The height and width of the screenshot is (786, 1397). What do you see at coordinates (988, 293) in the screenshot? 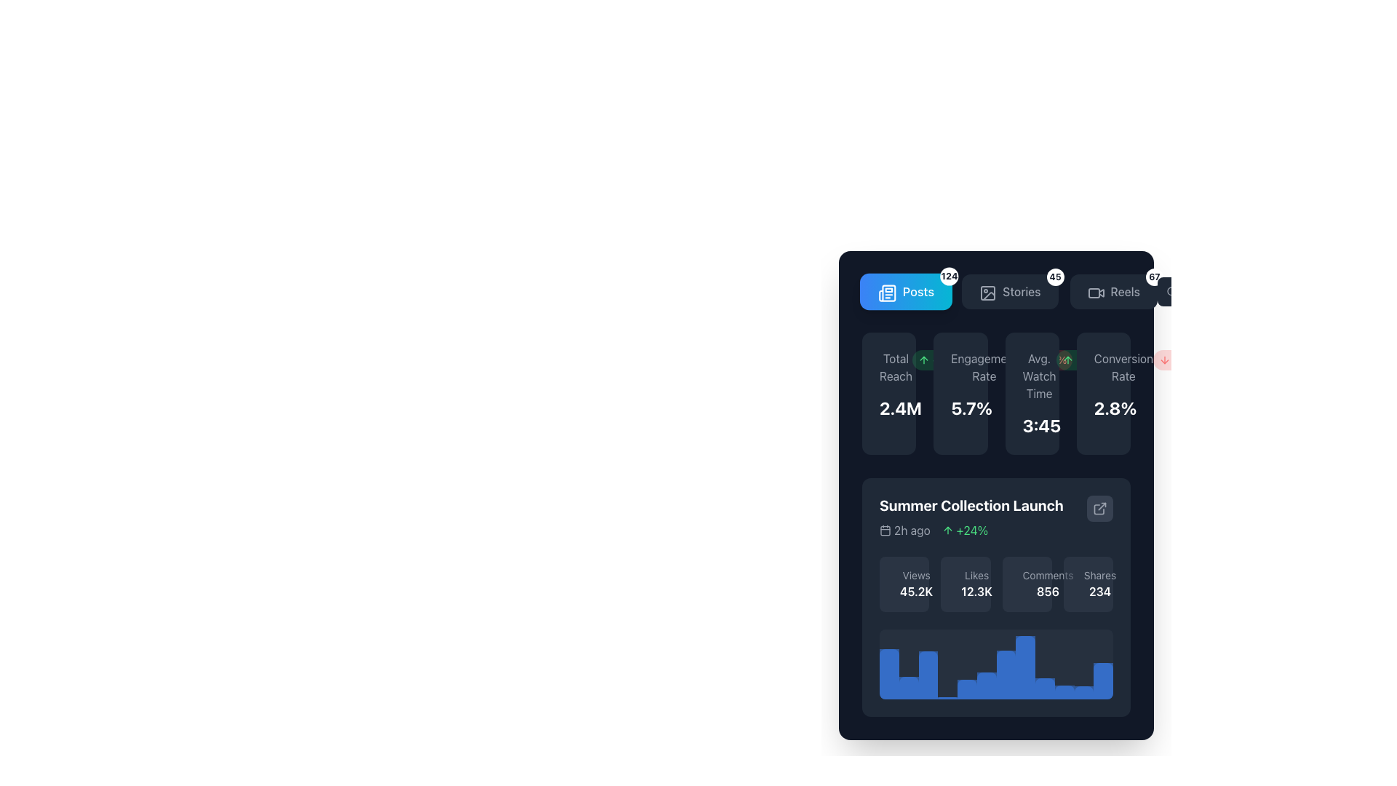
I see `the minimalist icon resembling an image placeholder located in the top navigation bar, positioned between the 'Stories' and 'Reels' tabs` at bounding box center [988, 293].